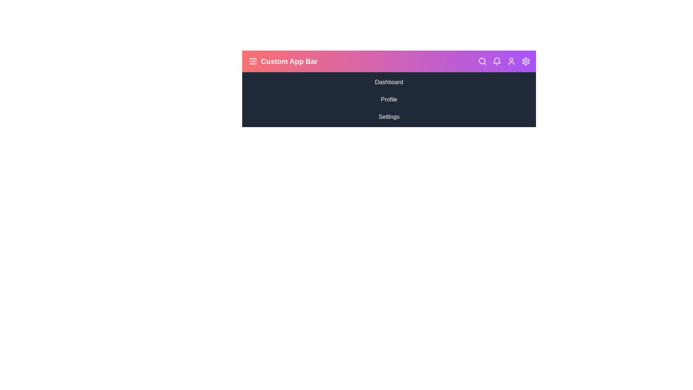 Image resolution: width=693 pixels, height=390 pixels. What do you see at coordinates (253, 61) in the screenshot?
I see `the menu icon to toggle the sidebar visibility` at bounding box center [253, 61].